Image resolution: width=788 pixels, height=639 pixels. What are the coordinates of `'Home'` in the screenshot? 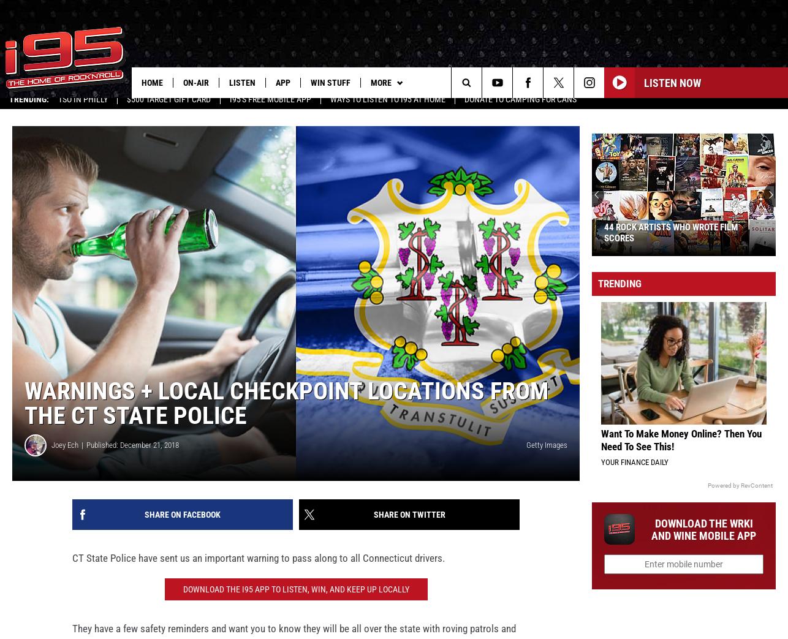 It's located at (152, 82).